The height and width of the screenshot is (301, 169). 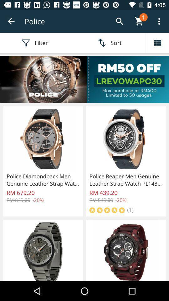 What do you see at coordinates (11, 21) in the screenshot?
I see `the icon next to police app` at bounding box center [11, 21].